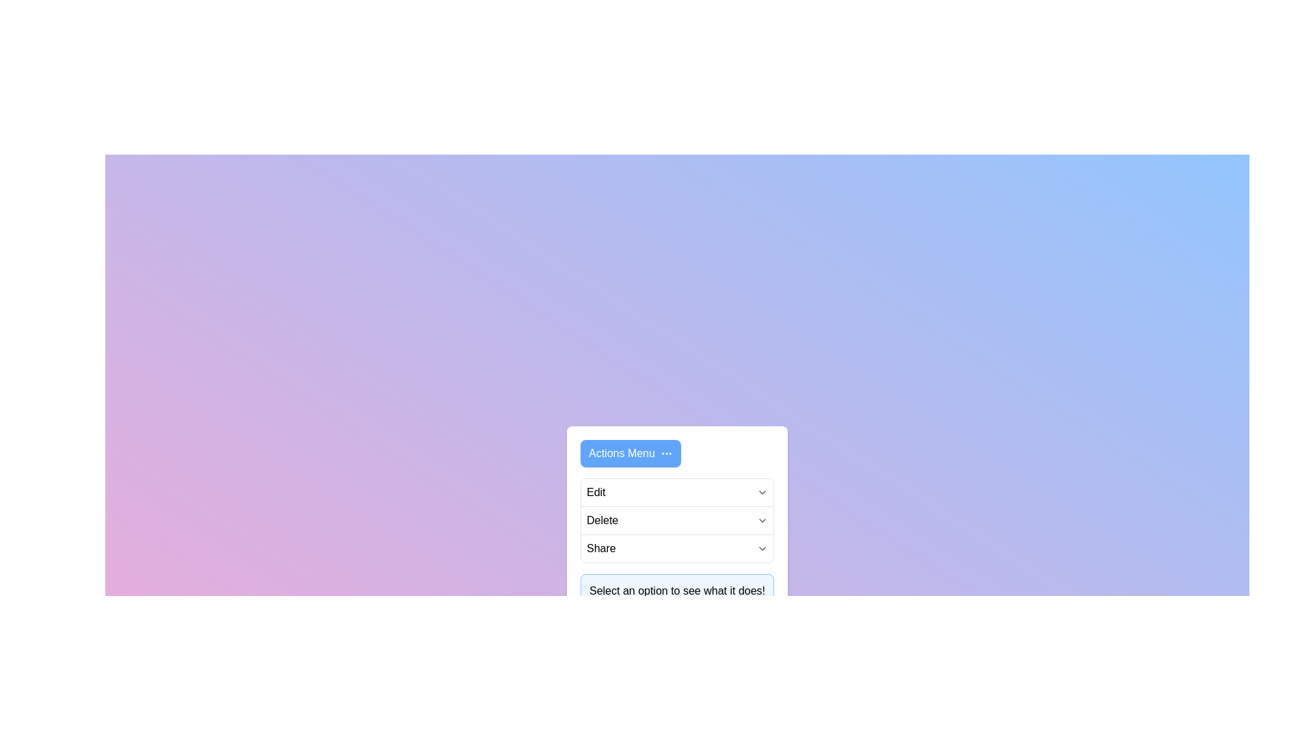 Image resolution: width=1313 pixels, height=739 pixels. I want to click on the 'Actions Menu' button to toggle the visibility of the actions menu, so click(630, 454).